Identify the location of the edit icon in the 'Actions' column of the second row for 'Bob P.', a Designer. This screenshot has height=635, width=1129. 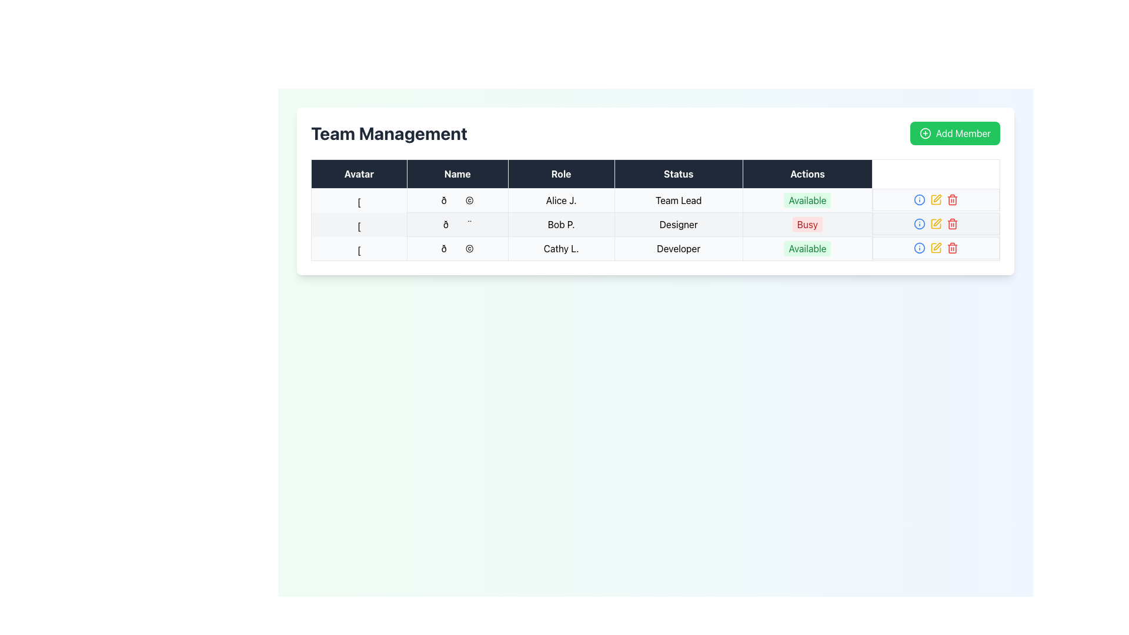
(937, 246).